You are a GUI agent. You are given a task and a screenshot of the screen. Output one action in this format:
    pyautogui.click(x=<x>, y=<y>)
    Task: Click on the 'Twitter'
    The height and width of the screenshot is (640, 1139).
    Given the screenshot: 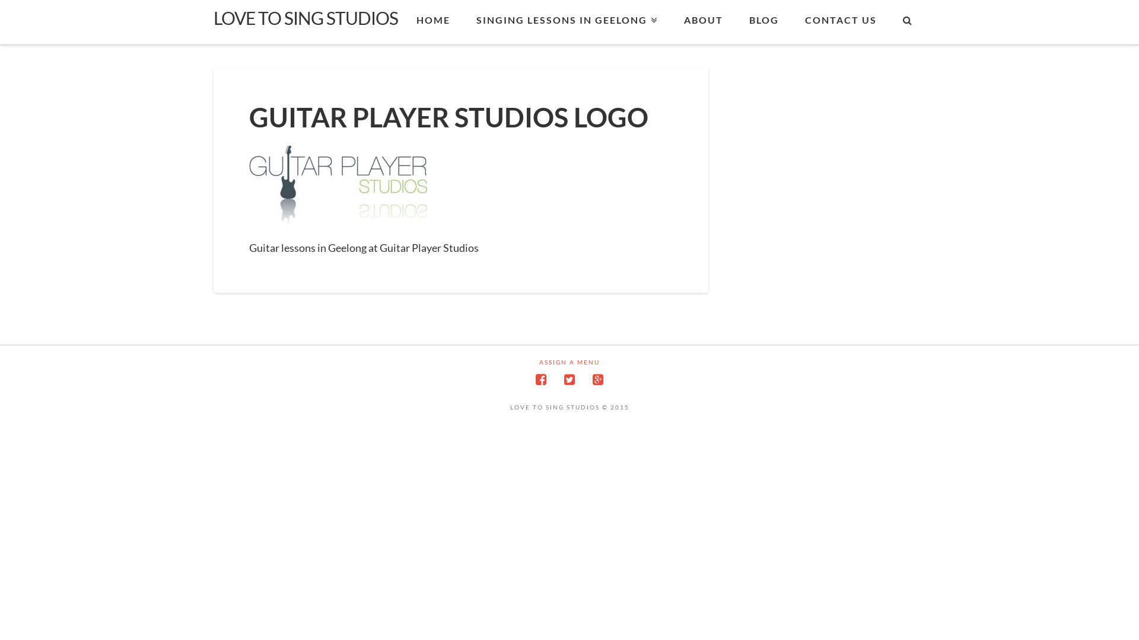 What is the action you would take?
    pyautogui.click(x=563, y=379)
    